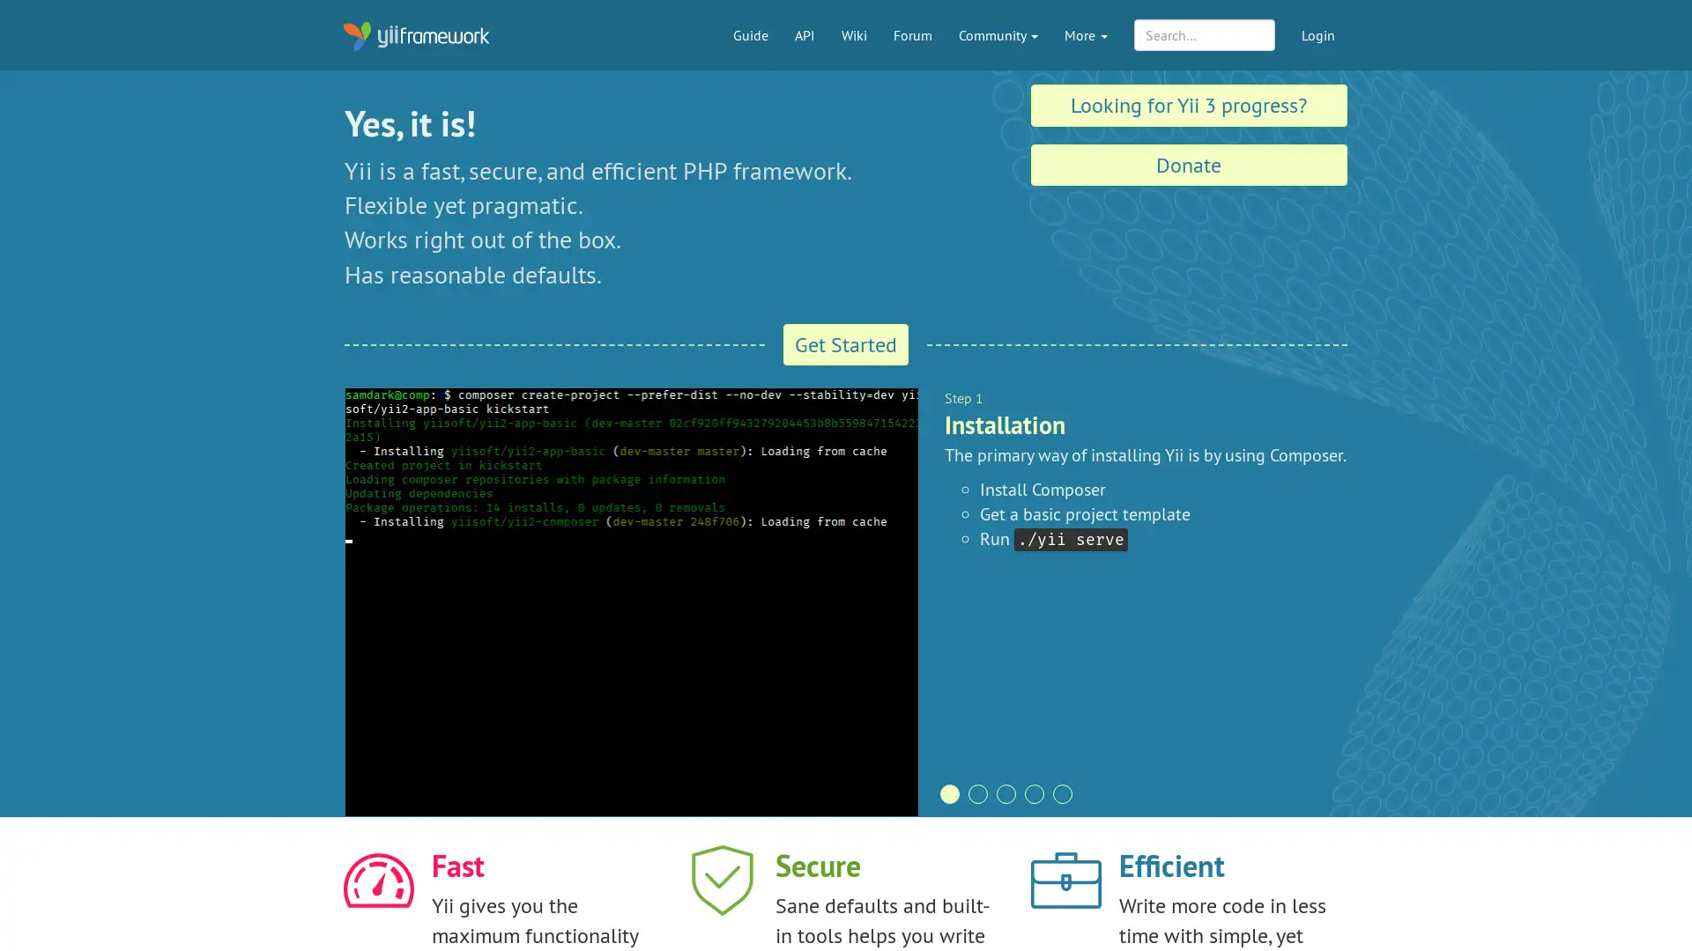 This screenshot has width=1692, height=951. I want to click on pagination, so click(949, 794).